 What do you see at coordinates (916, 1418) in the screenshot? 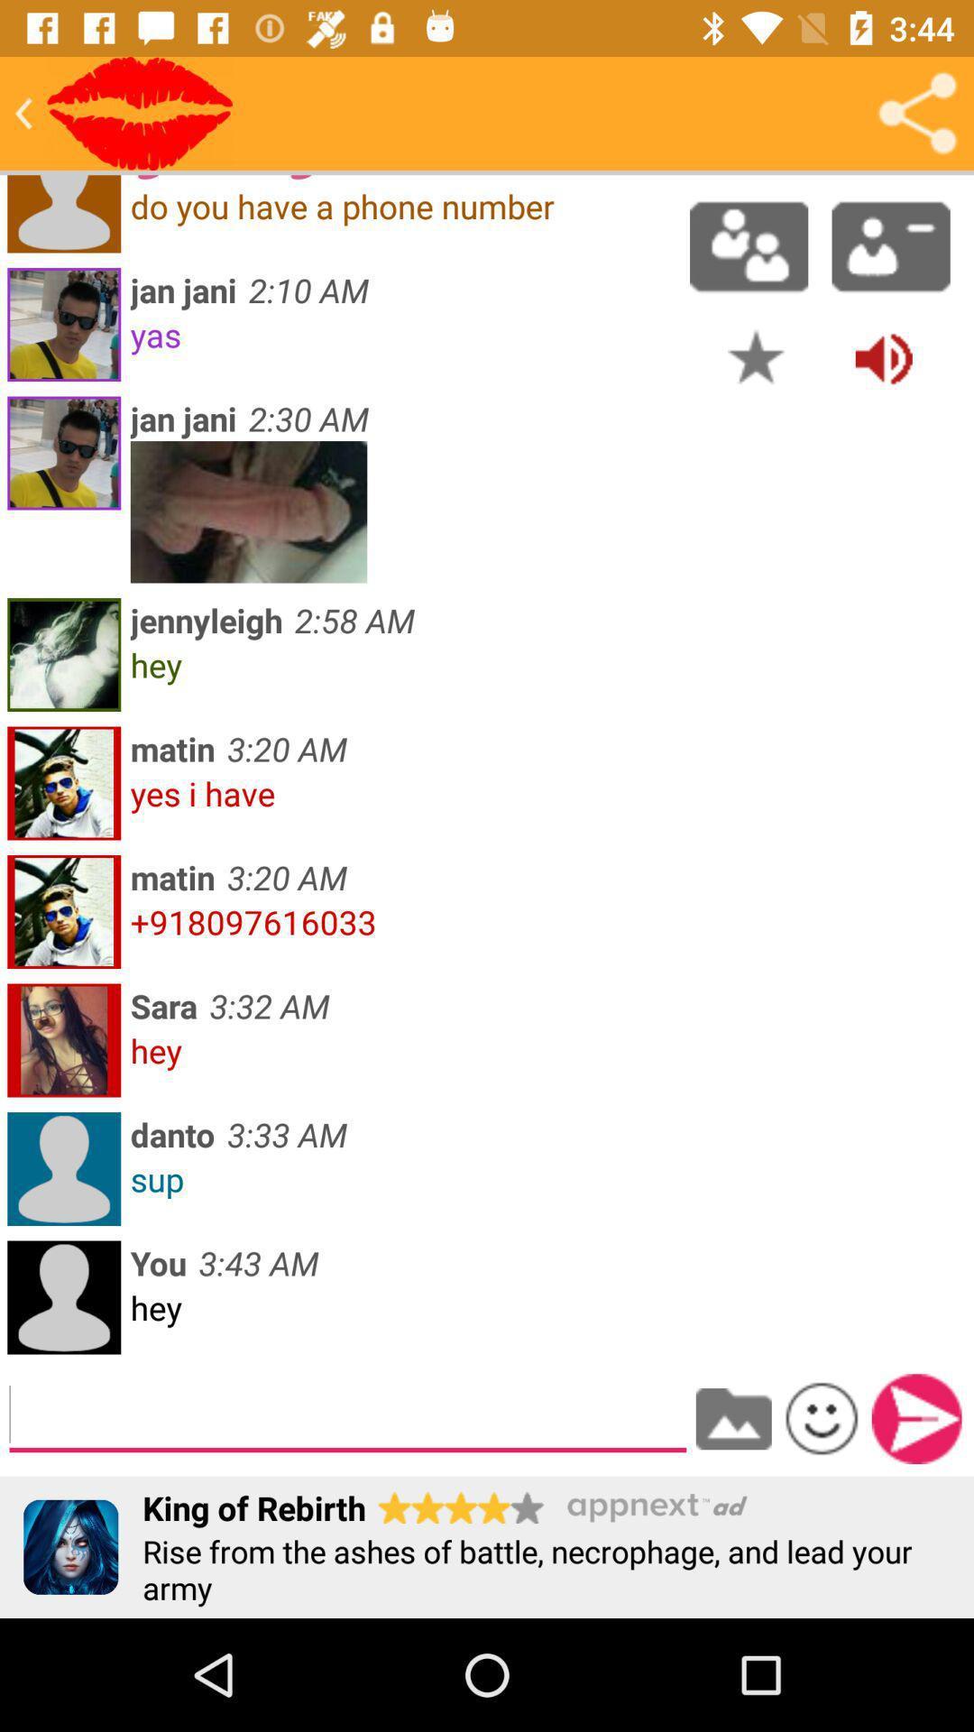
I see `submit entry` at bounding box center [916, 1418].